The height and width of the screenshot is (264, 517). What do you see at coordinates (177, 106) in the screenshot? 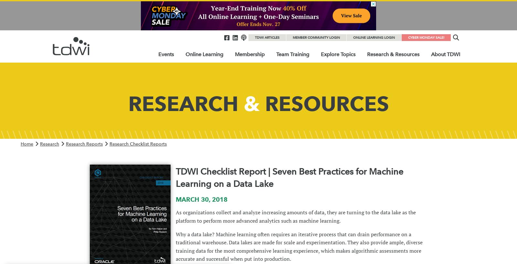
I see `'Event Calendar'` at bounding box center [177, 106].